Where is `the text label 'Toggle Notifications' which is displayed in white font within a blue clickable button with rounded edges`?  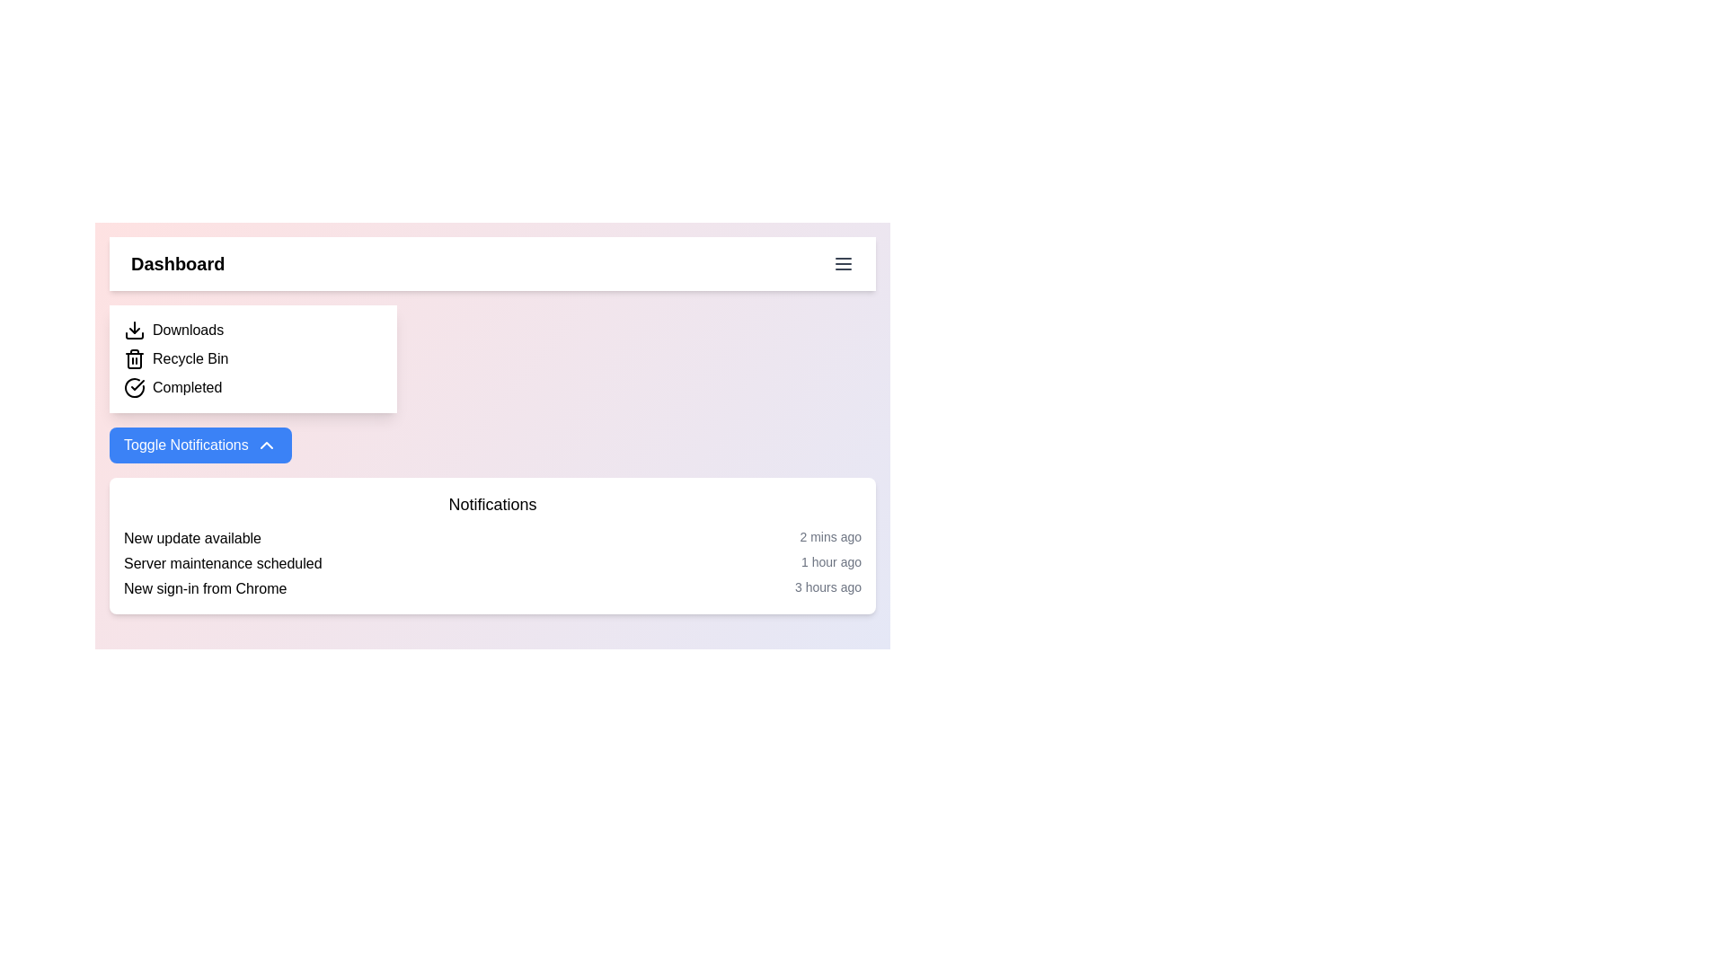
the text label 'Toggle Notifications' which is displayed in white font within a blue clickable button with rounded edges is located at coordinates (186, 445).